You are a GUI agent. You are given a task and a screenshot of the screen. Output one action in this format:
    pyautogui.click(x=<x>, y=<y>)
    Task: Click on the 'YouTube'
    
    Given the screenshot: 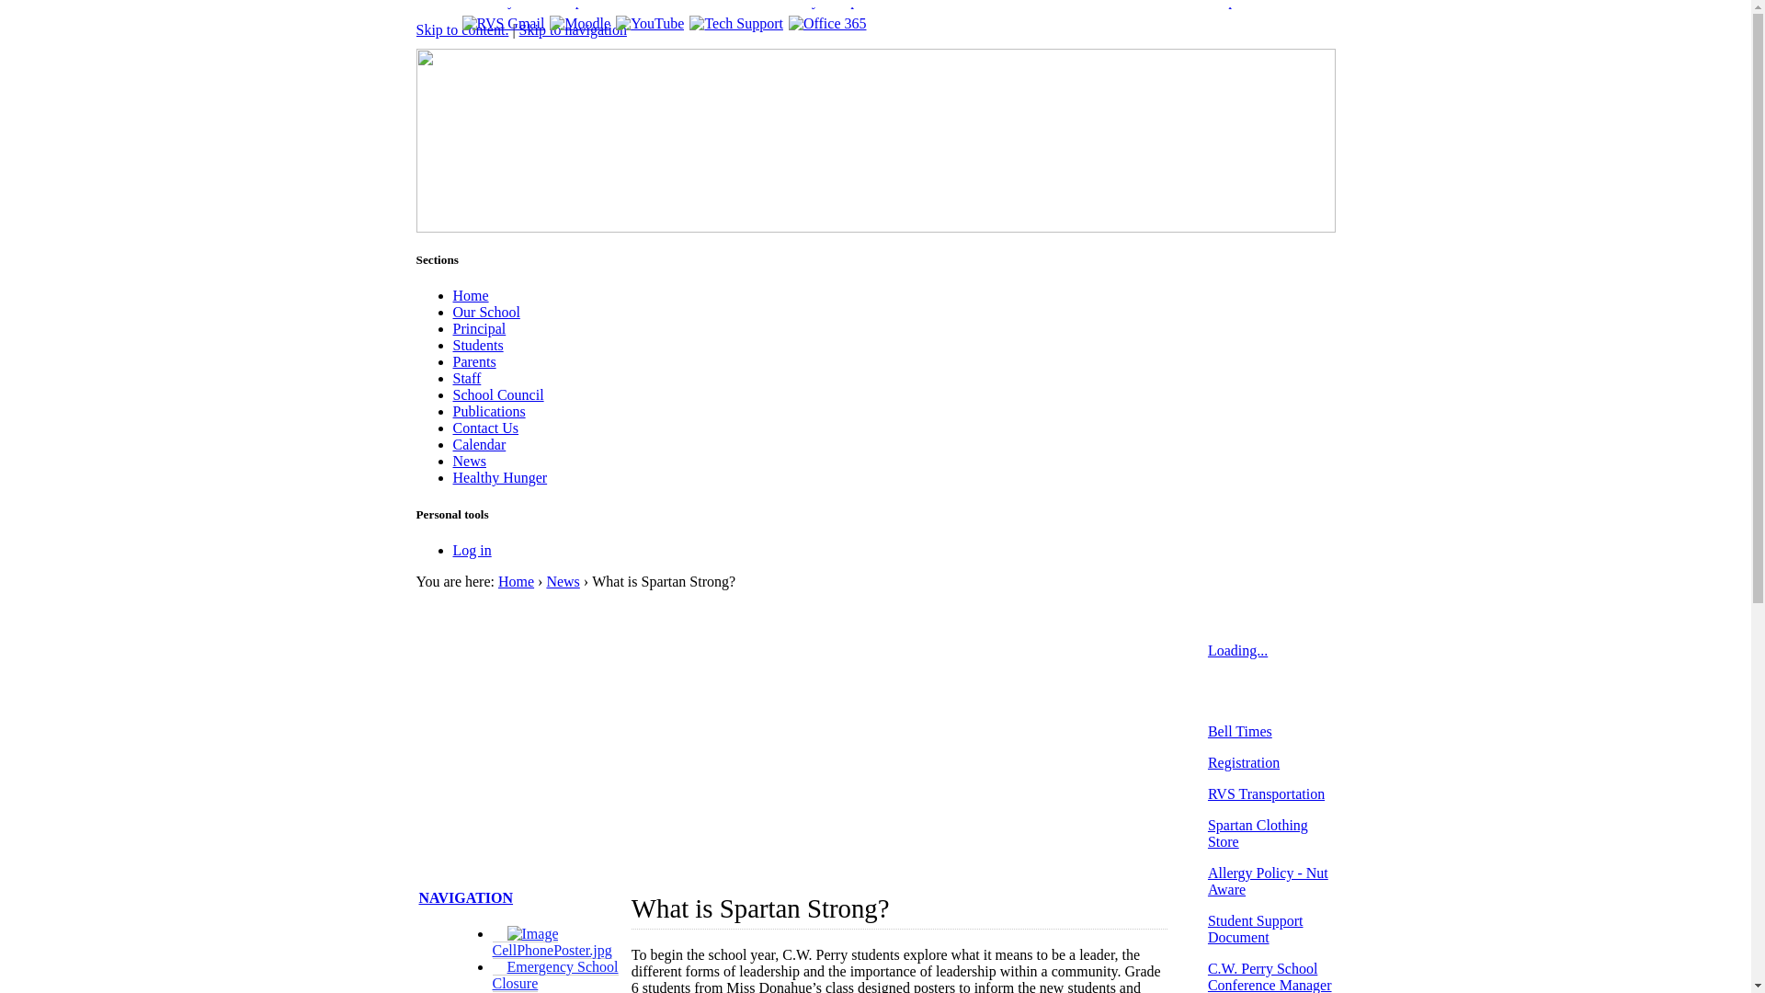 What is the action you would take?
    pyautogui.click(x=649, y=23)
    